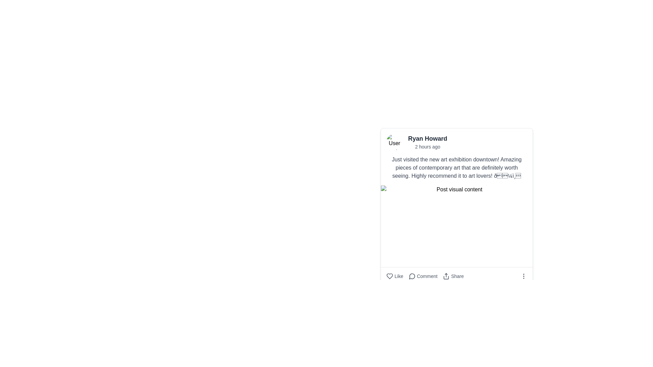  I want to click on the text block that serves as a description for the post, located beneath the username 'Ryan Howard' and above the 'Post visual content' area, so click(457, 168).